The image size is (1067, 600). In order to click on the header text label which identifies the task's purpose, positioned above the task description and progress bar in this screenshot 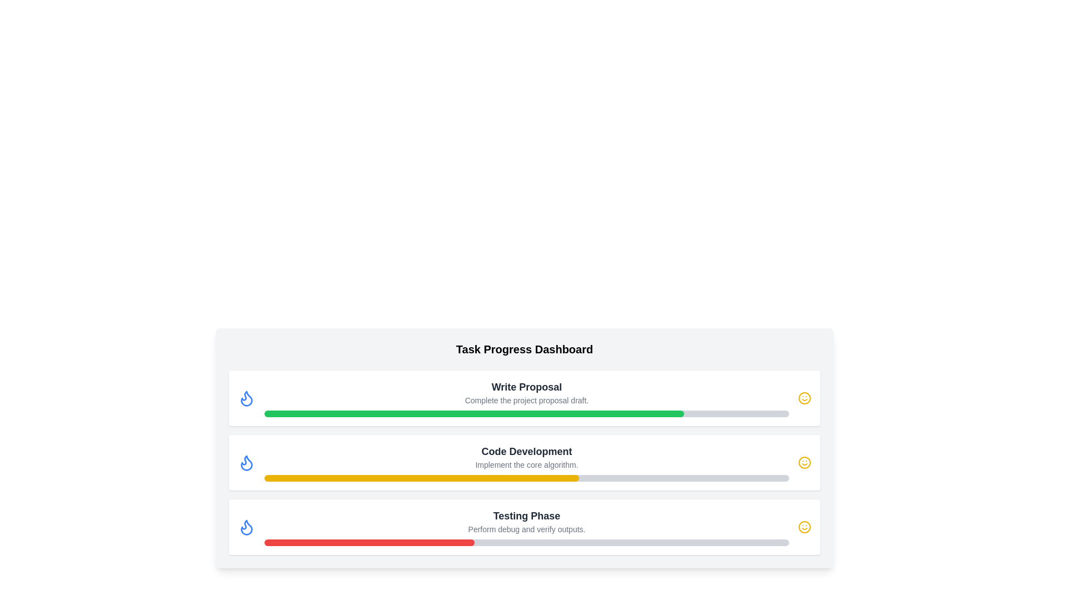, I will do `click(526, 387)`.